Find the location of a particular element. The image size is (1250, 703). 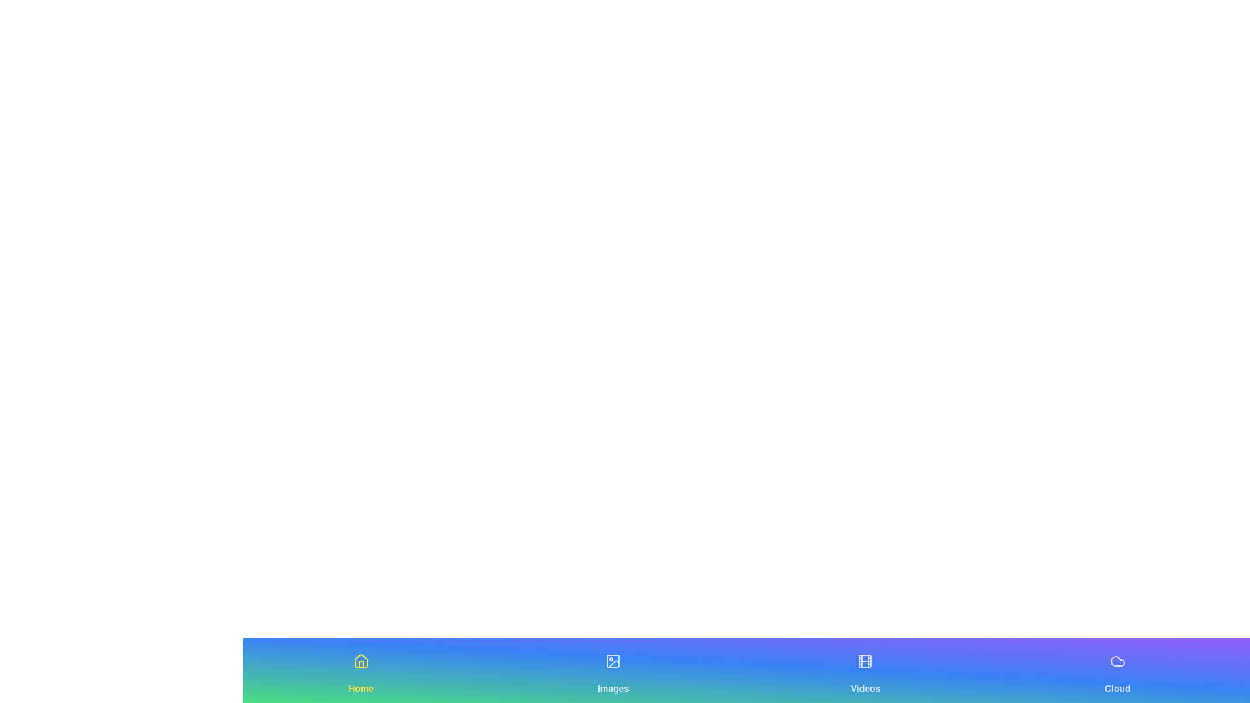

the tab labeled Images to observe its hover effect is located at coordinates (613, 670).